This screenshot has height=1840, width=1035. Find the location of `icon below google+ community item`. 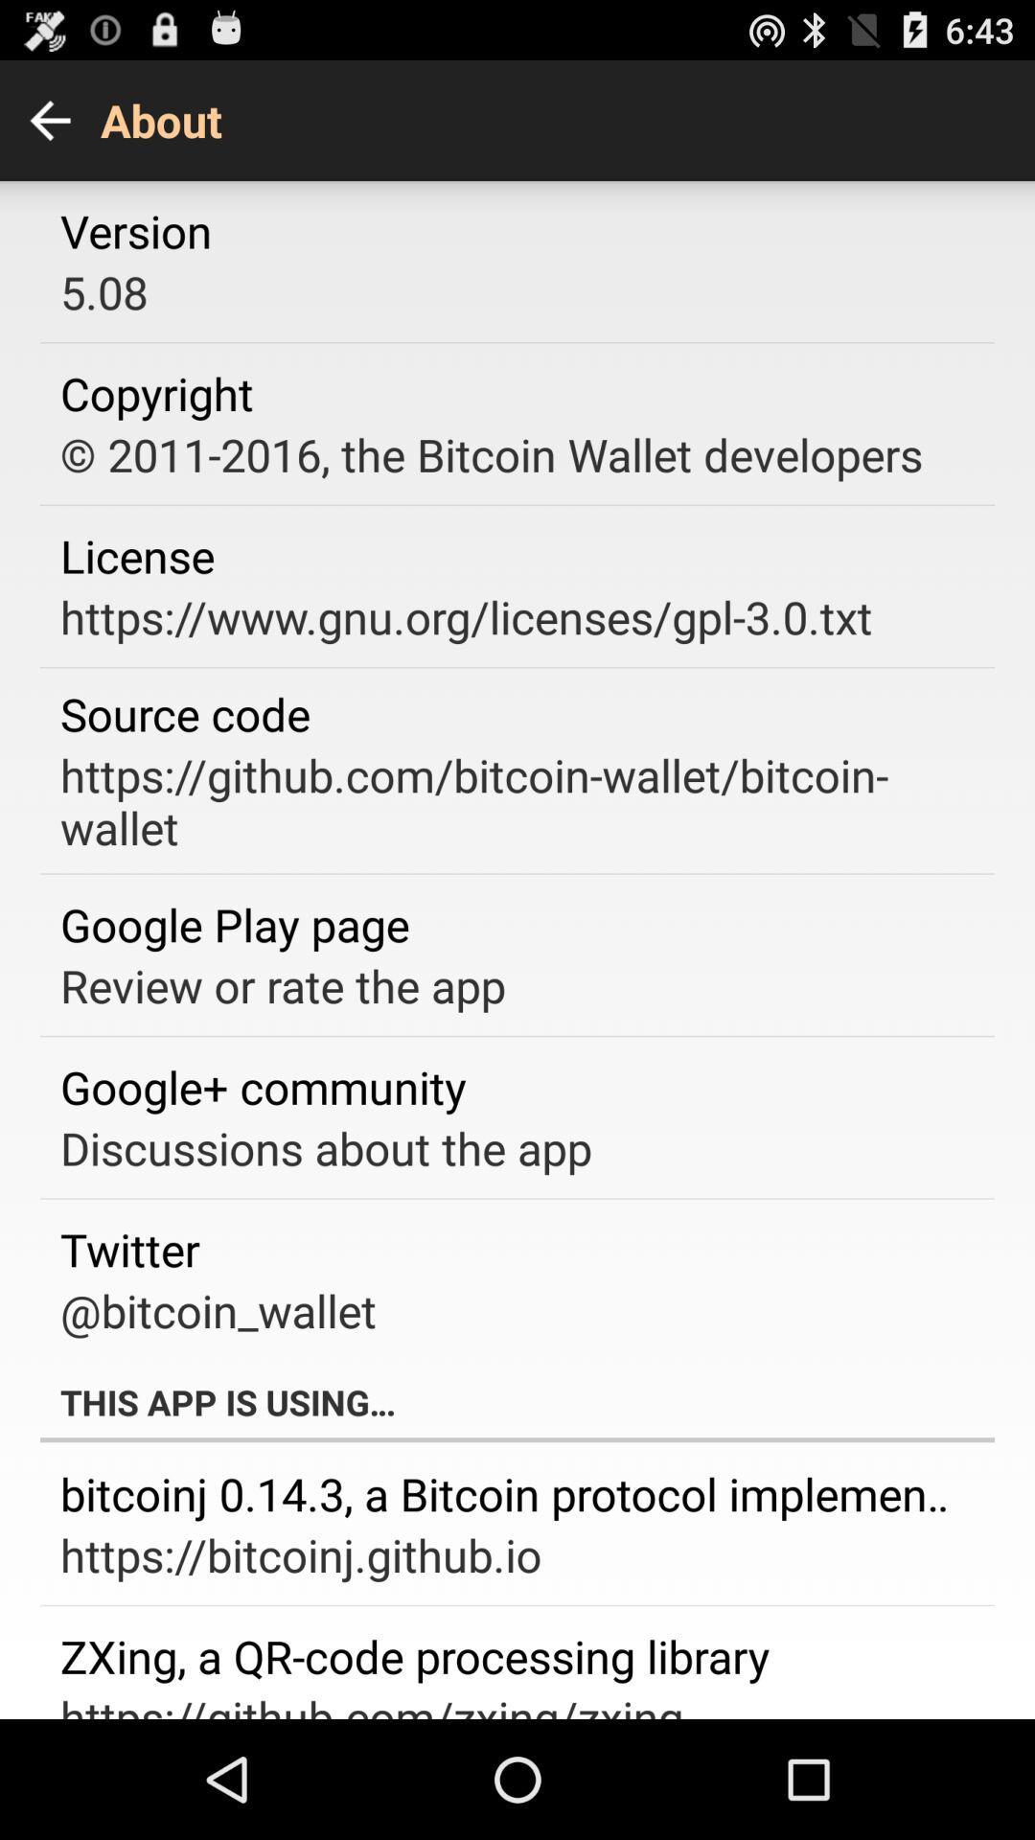

icon below google+ community item is located at coordinates (325, 1148).